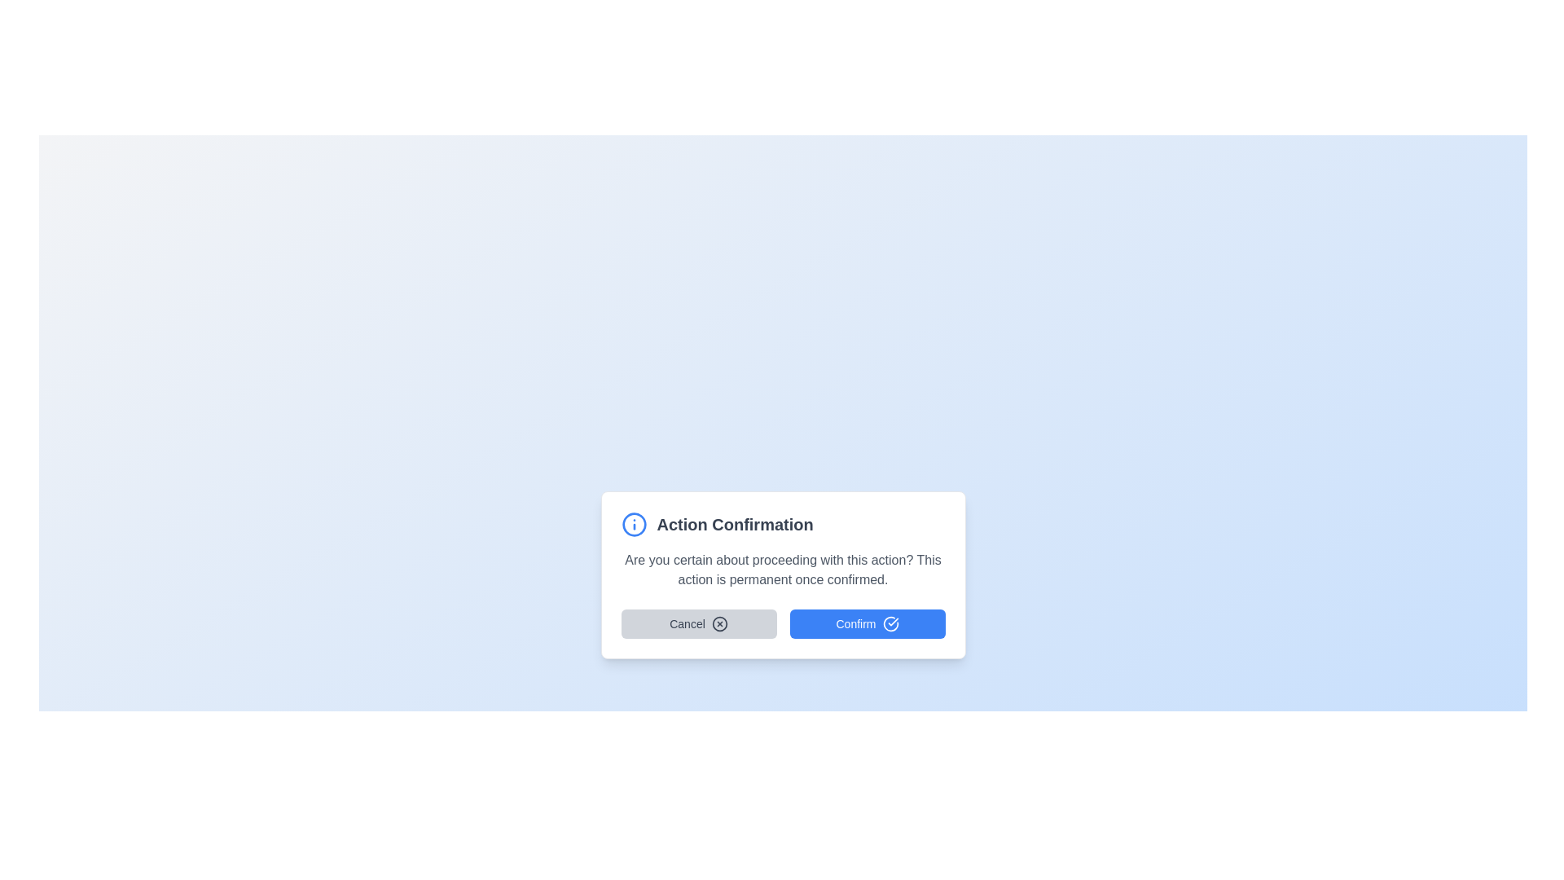 Image resolution: width=1564 pixels, height=880 pixels. What do you see at coordinates (718, 623) in the screenshot?
I see `the decorative SVG circle located inside the 'Cancel' button in the bottom-left section of the modal dialog` at bounding box center [718, 623].